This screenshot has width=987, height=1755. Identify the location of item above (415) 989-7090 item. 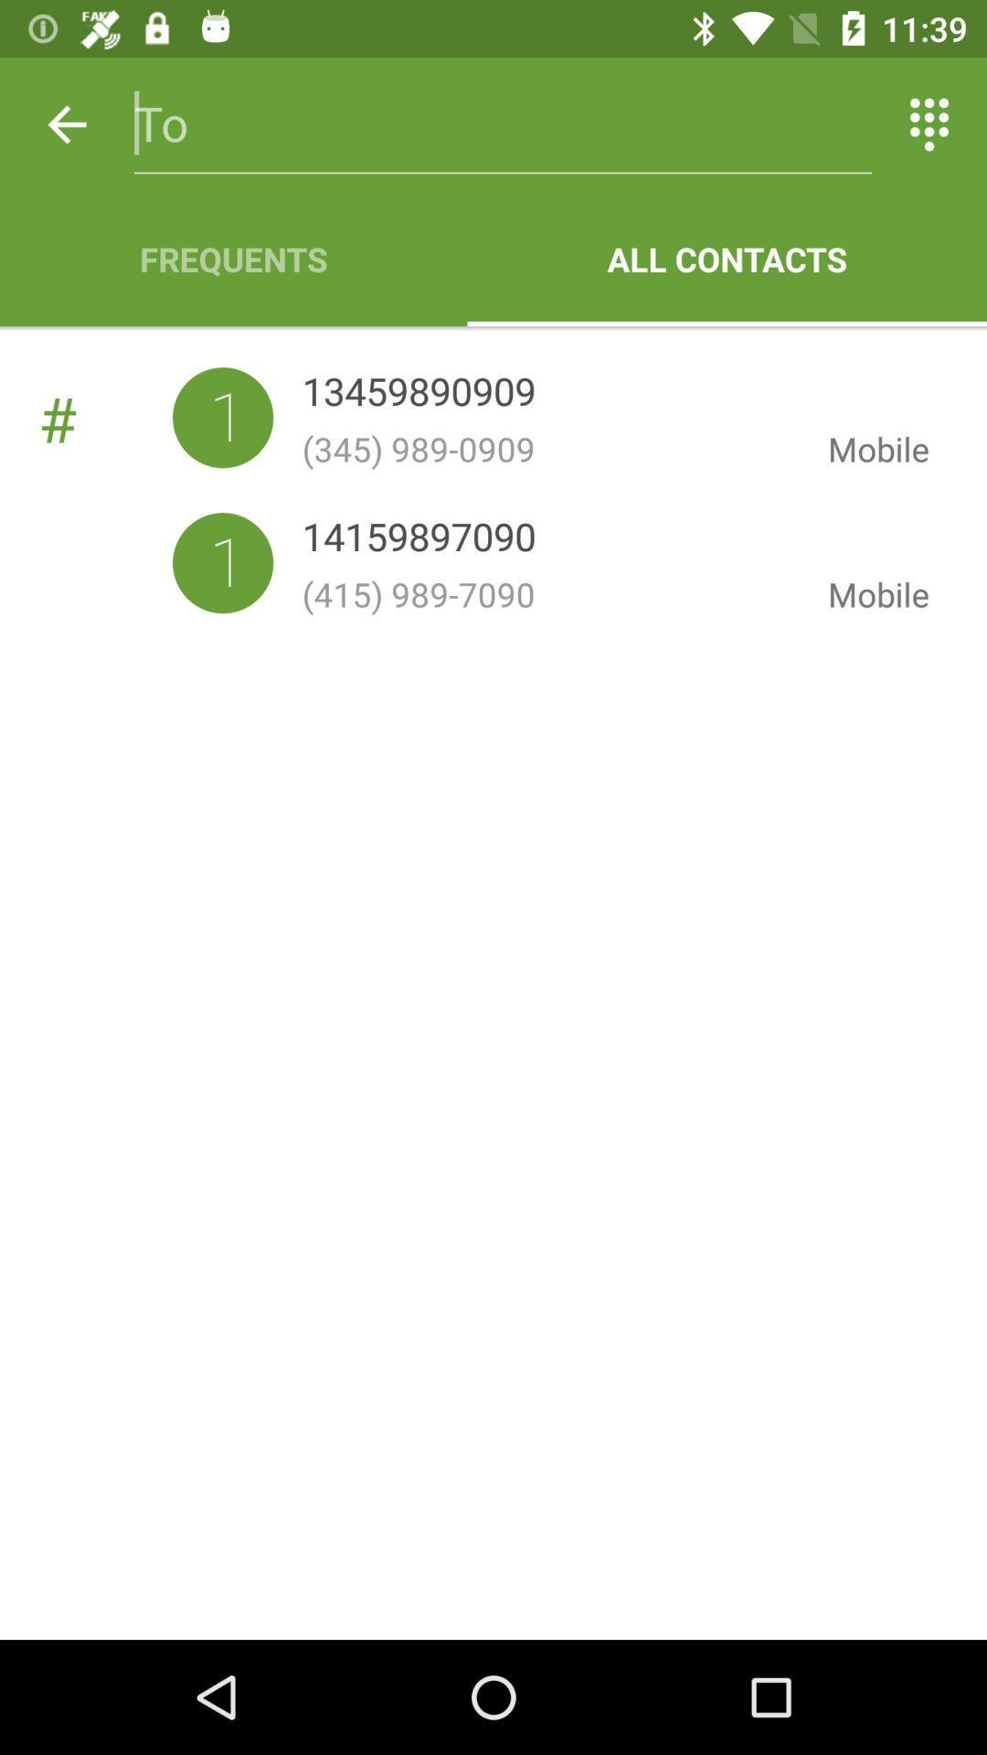
(419, 539).